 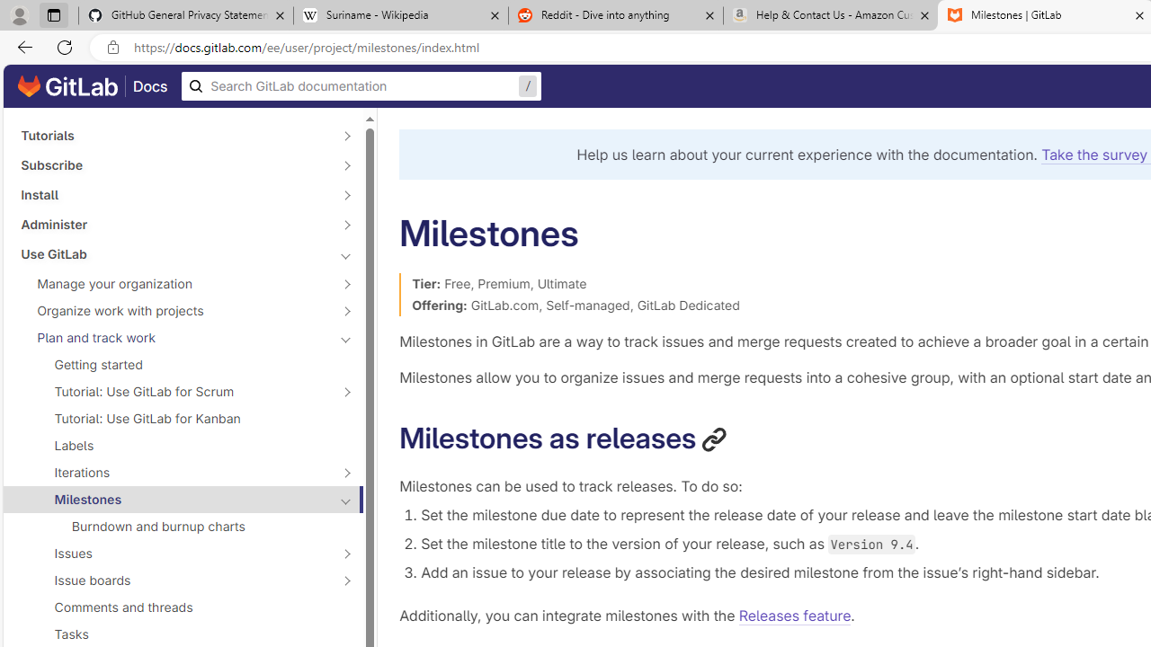 What do you see at coordinates (173, 253) in the screenshot?
I see `'Use GitLab'` at bounding box center [173, 253].